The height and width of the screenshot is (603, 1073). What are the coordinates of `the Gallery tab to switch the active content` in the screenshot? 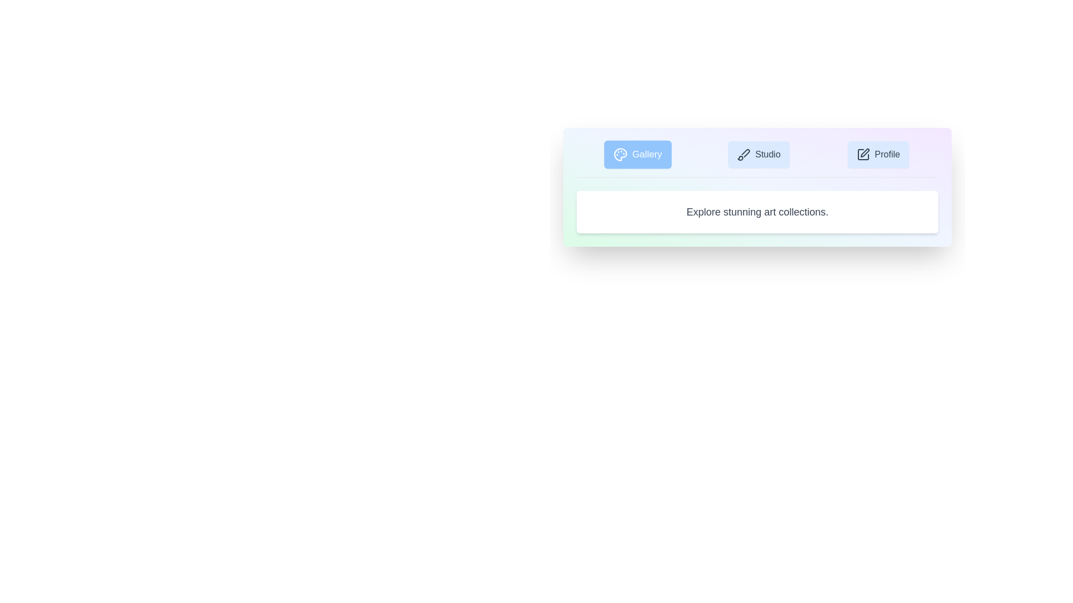 It's located at (638, 155).